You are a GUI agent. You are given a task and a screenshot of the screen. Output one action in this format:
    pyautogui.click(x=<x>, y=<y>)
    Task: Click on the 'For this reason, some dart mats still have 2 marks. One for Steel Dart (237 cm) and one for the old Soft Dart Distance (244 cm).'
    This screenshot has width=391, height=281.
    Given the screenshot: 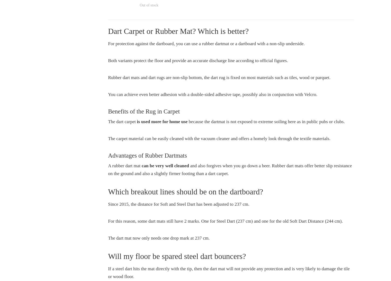 What is the action you would take?
    pyautogui.click(x=225, y=221)
    